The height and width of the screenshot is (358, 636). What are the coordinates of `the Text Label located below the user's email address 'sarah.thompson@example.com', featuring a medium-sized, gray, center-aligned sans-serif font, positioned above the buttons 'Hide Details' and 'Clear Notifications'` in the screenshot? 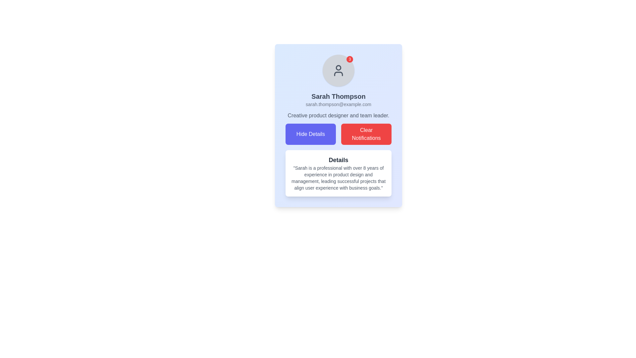 It's located at (339, 115).